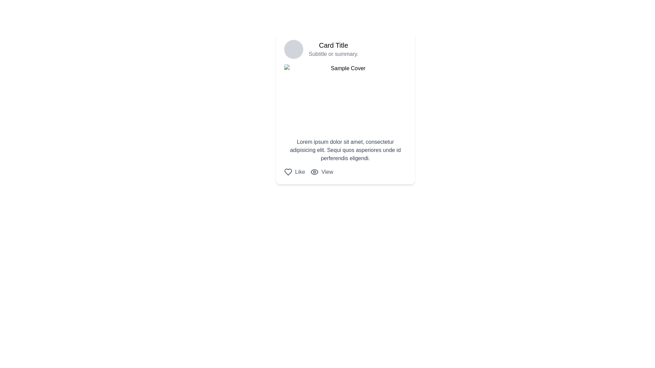 Image resolution: width=655 pixels, height=368 pixels. Describe the element at coordinates (321, 172) in the screenshot. I see `the 'View' button` at that location.